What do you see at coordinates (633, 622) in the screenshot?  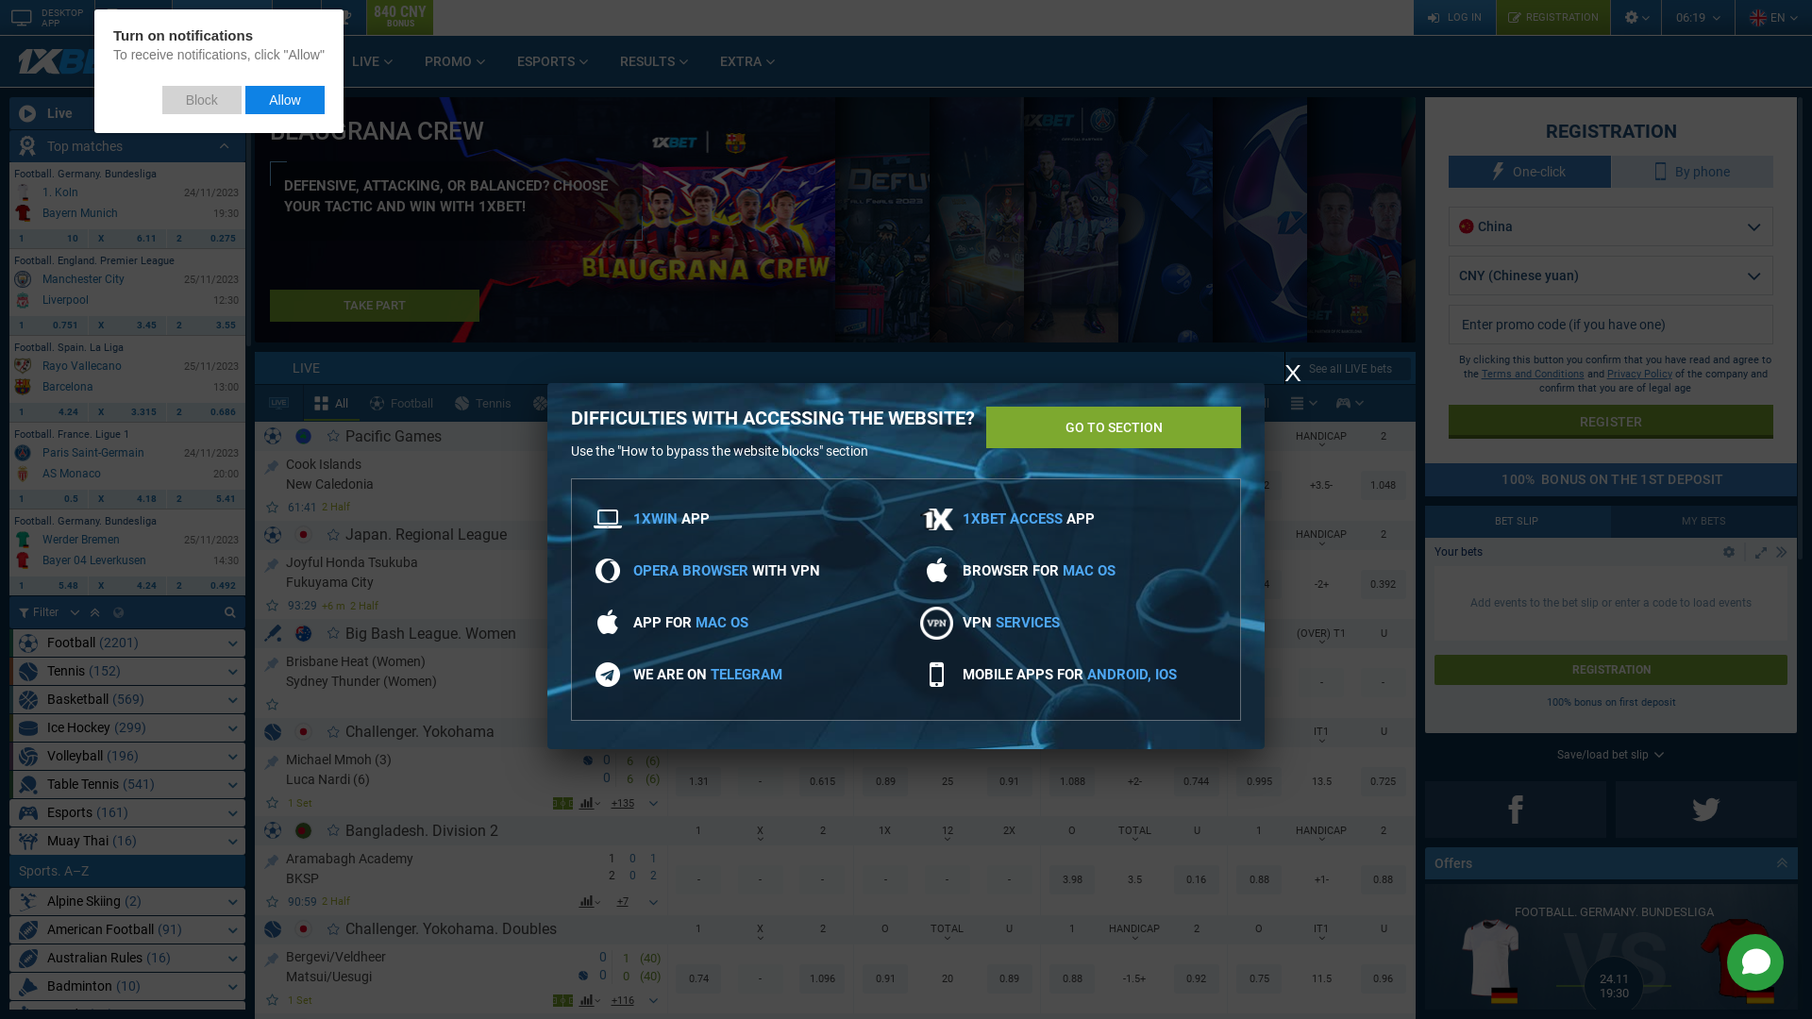 I see `'APP FOR MAC OS'` at bounding box center [633, 622].